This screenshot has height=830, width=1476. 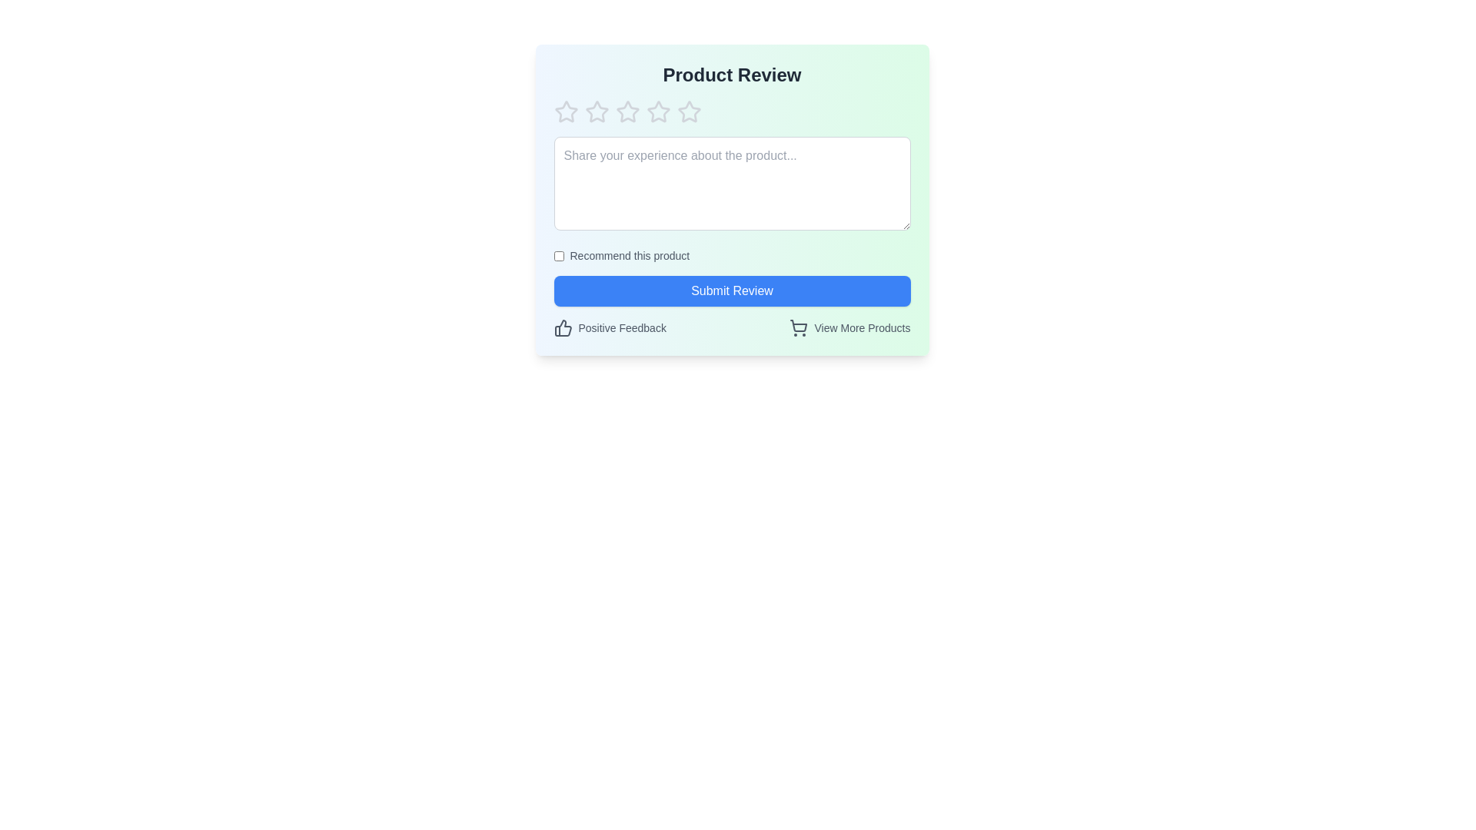 What do you see at coordinates (658, 111) in the screenshot?
I see `the star representing 4 stars to preview the rating` at bounding box center [658, 111].